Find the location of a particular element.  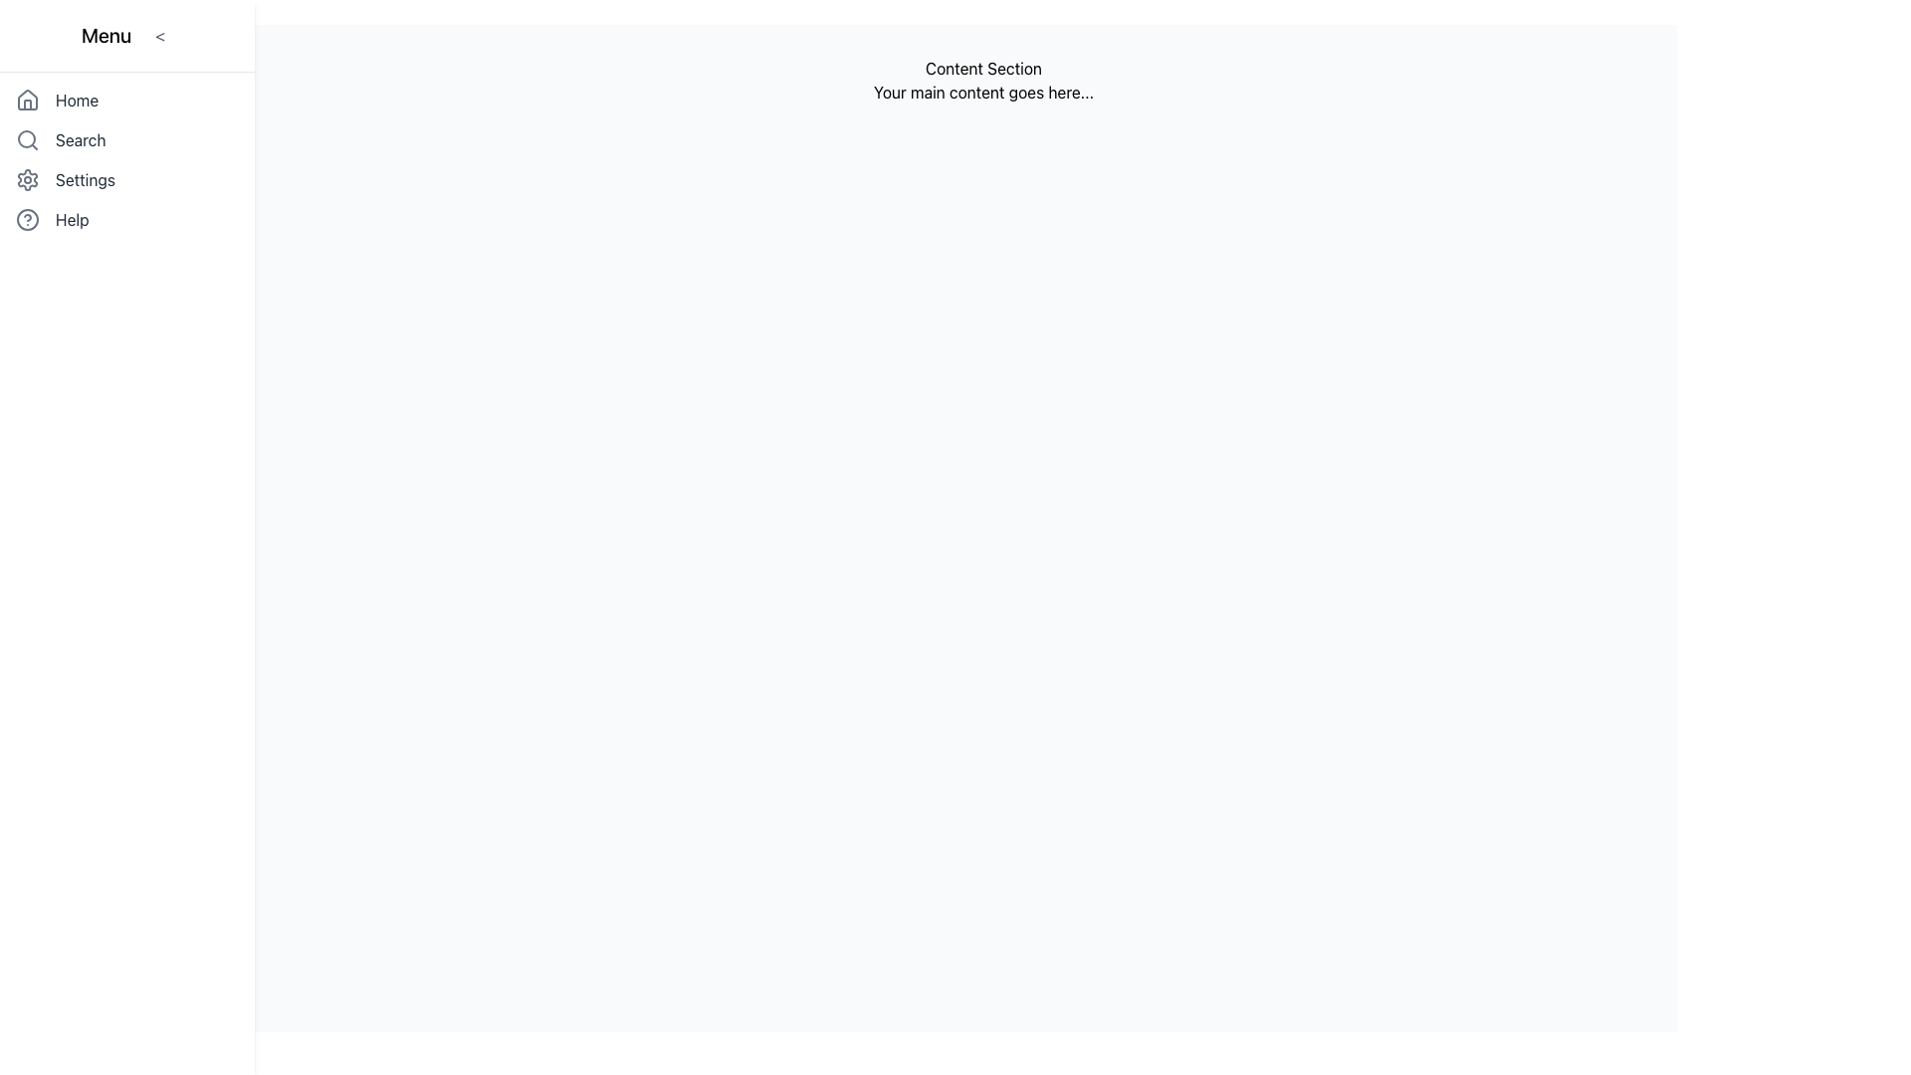

the small gray left-pointing arrow button located next to the 'Menu' label in the top-left corner of the interface is located at coordinates (160, 35).